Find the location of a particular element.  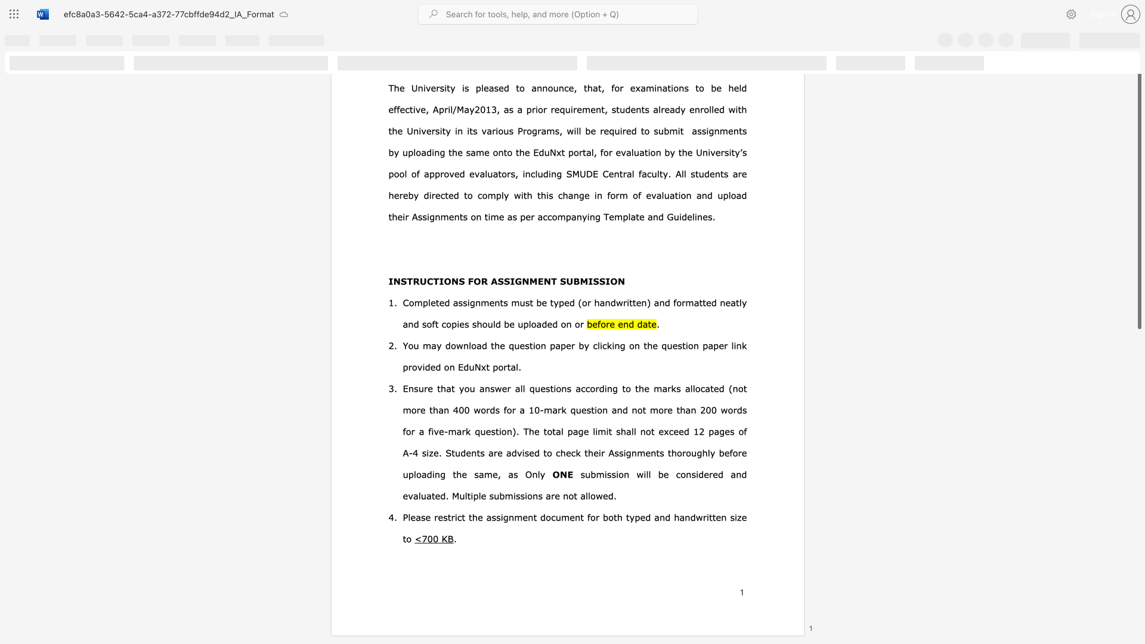

the scrollbar and move up 40 pixels is located at coordinates (1138, 196).